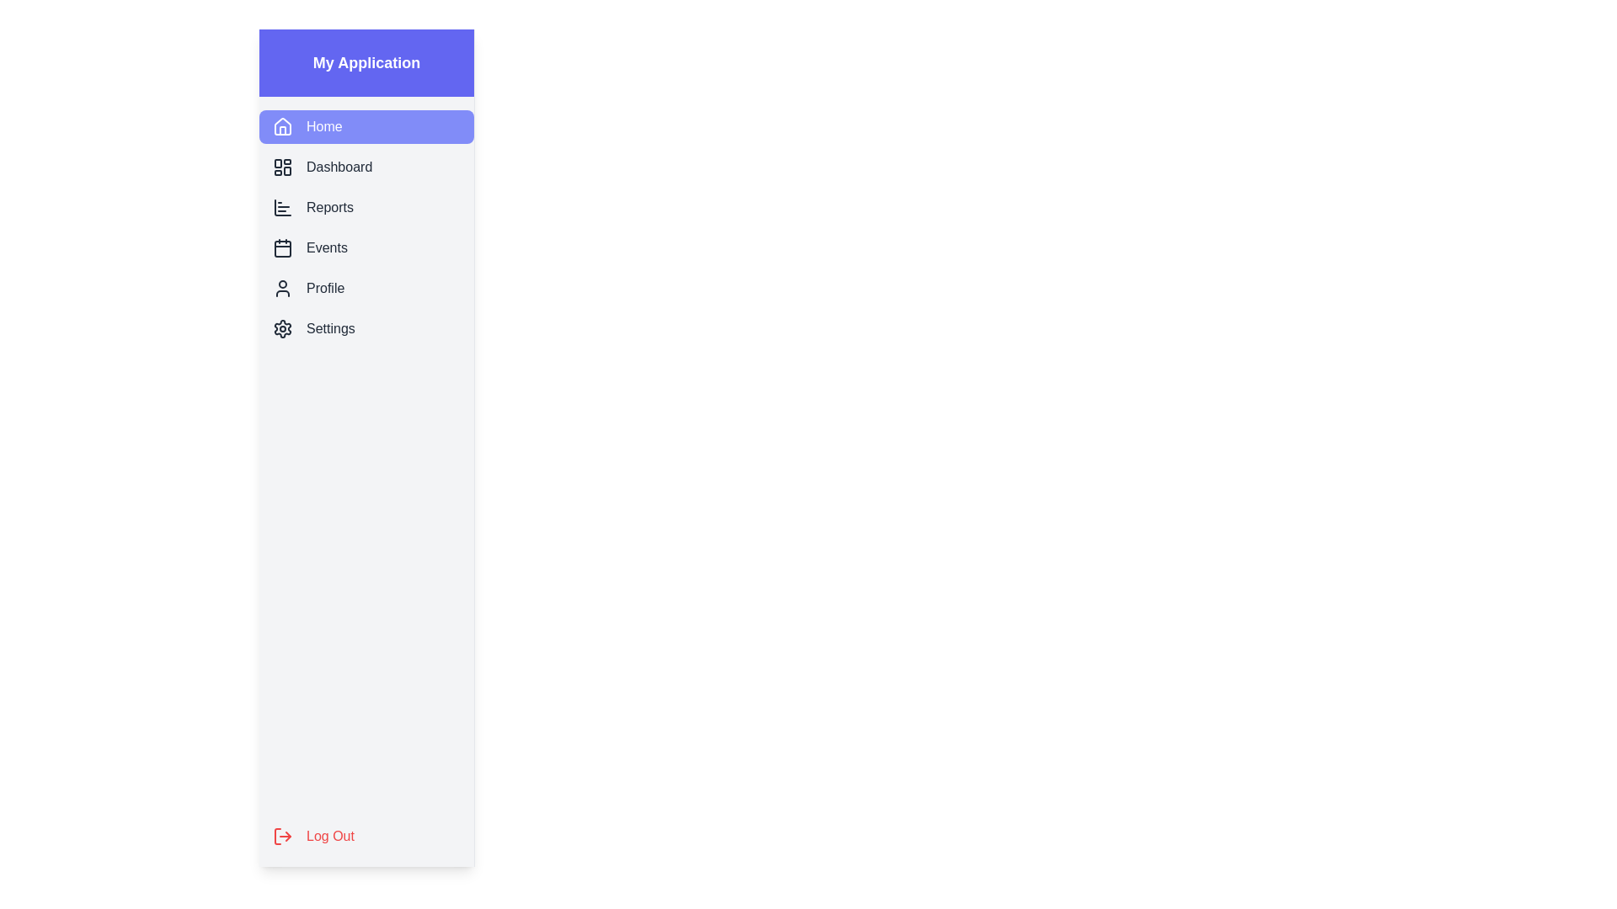 This screenshot has width=1617, height=909. Describe the element at coordinates (366, 167) in the screenshot. I see `the 'Dashboard' menu item located directly below the 'Home' item in the vertical navigation menu` at that location.